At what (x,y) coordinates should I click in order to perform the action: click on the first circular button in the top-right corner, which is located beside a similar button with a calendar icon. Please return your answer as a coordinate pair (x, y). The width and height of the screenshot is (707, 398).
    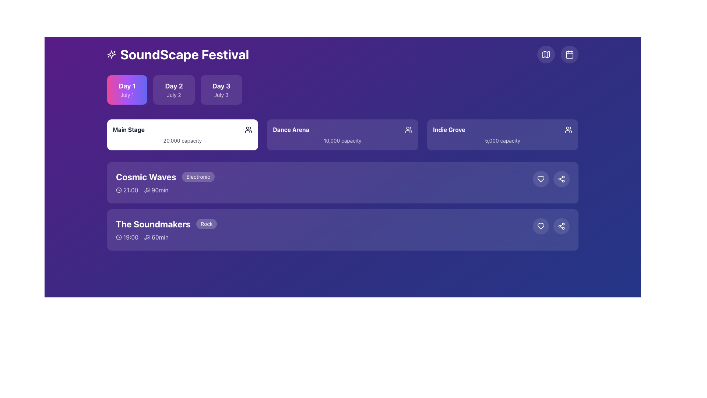
    Looking at the image, I should click on (546, 54).